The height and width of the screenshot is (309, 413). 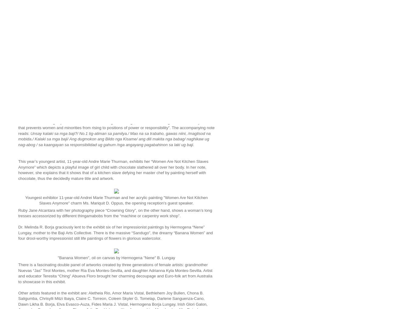 I want to click on 'Dr. Melinda R. Borja graciously lent to the exhibit six of her impressionist paintings by Hermogena “Nene” Lungay, mother to the Baji Arts Collective. There is the massive “Sandugo”, the dreamy “Banana Women” and four drool-worthy impressionist still life paintings of flowers in glorious watercolor.', so click(x=115, y=233).